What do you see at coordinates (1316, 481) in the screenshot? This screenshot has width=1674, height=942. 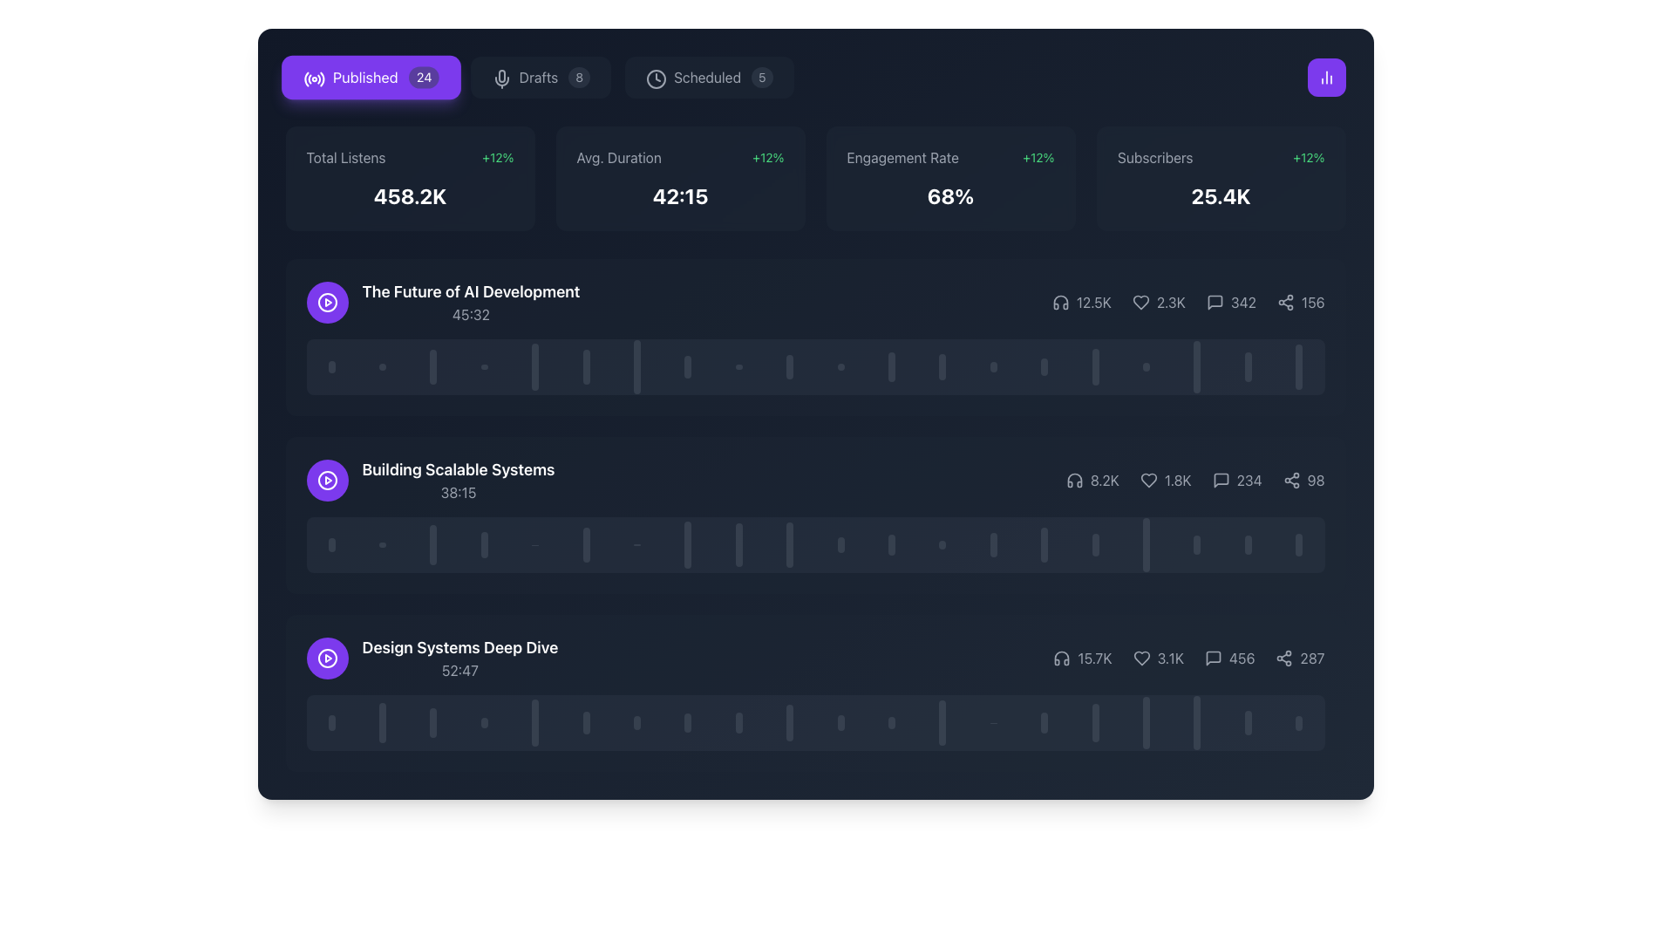 I see `the static text displaying a numerical value associated with the 'Building Scalable Systems' entry, located immediately to the right of the share icon` at bounding box center [1316, 481].